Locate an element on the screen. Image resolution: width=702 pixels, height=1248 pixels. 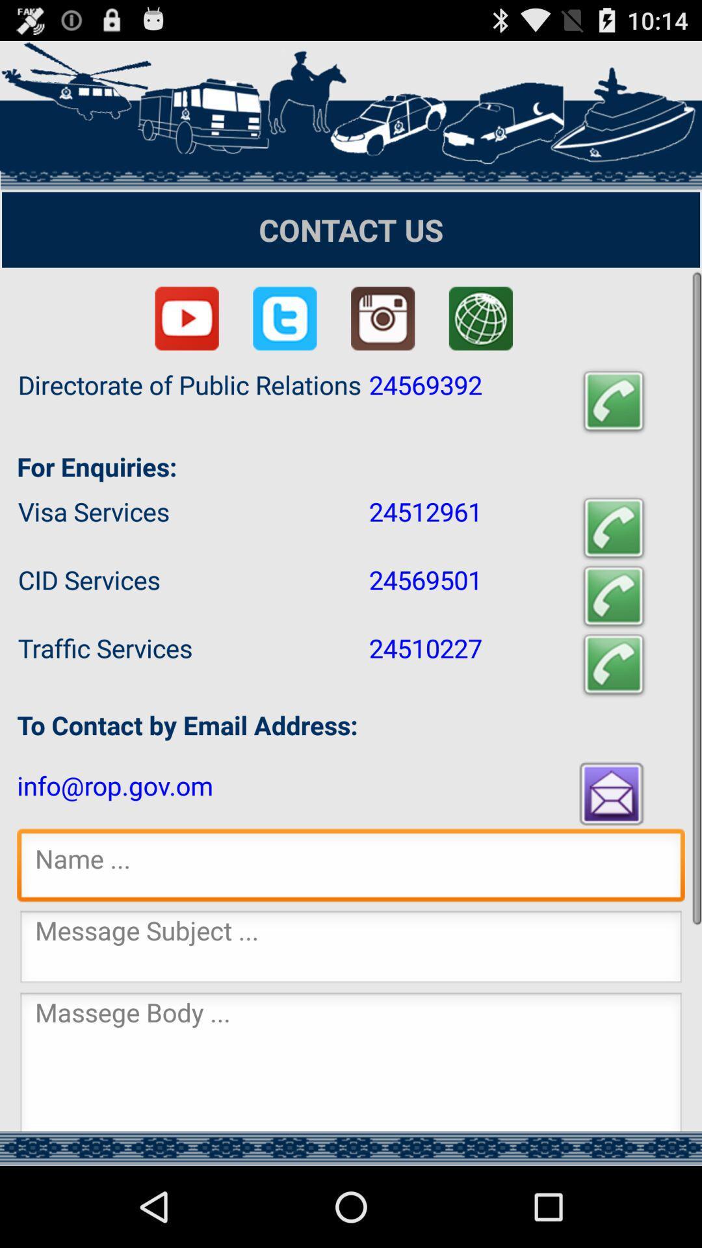
share via twitter icon is located at coordinates (284, 318).